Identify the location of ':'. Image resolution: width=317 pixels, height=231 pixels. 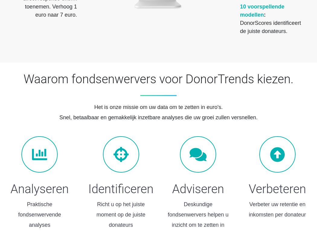
(264, 14).